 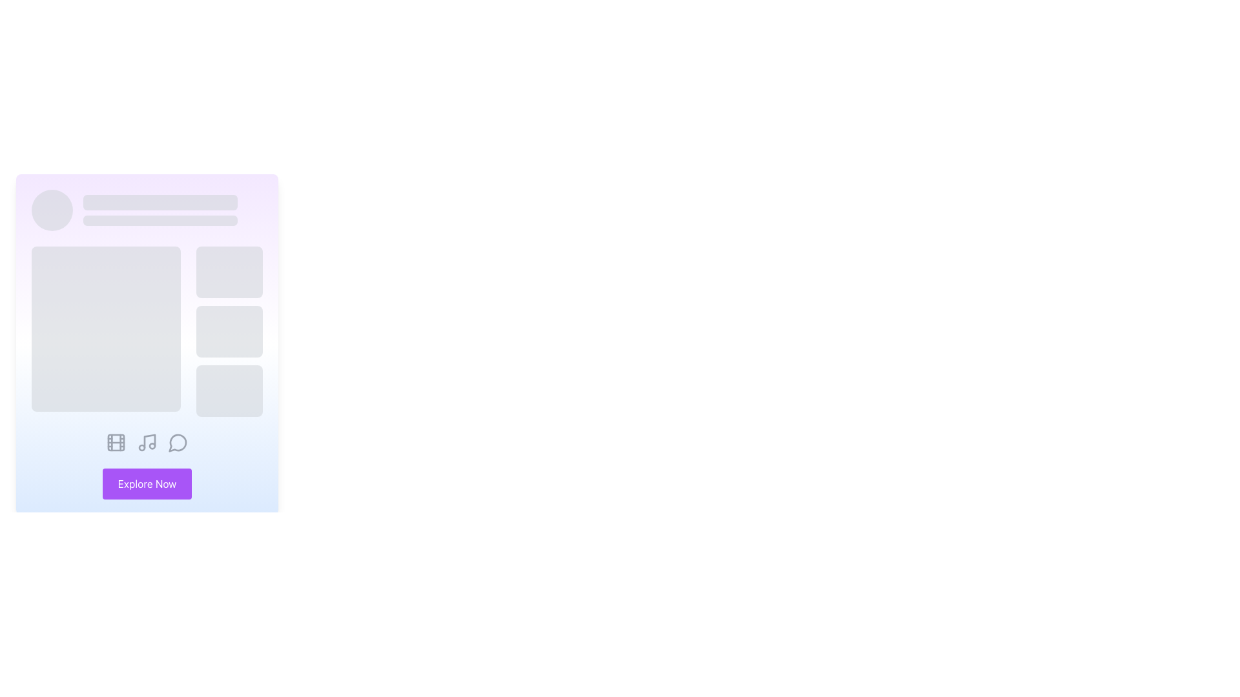 What do you see at coordinates (229, 330) in the screenshot?
I see `the second Placeholder element with rounded corners and a gray background, located in a vertical stack on the right side of the interface` at bounding box center [229, 330].